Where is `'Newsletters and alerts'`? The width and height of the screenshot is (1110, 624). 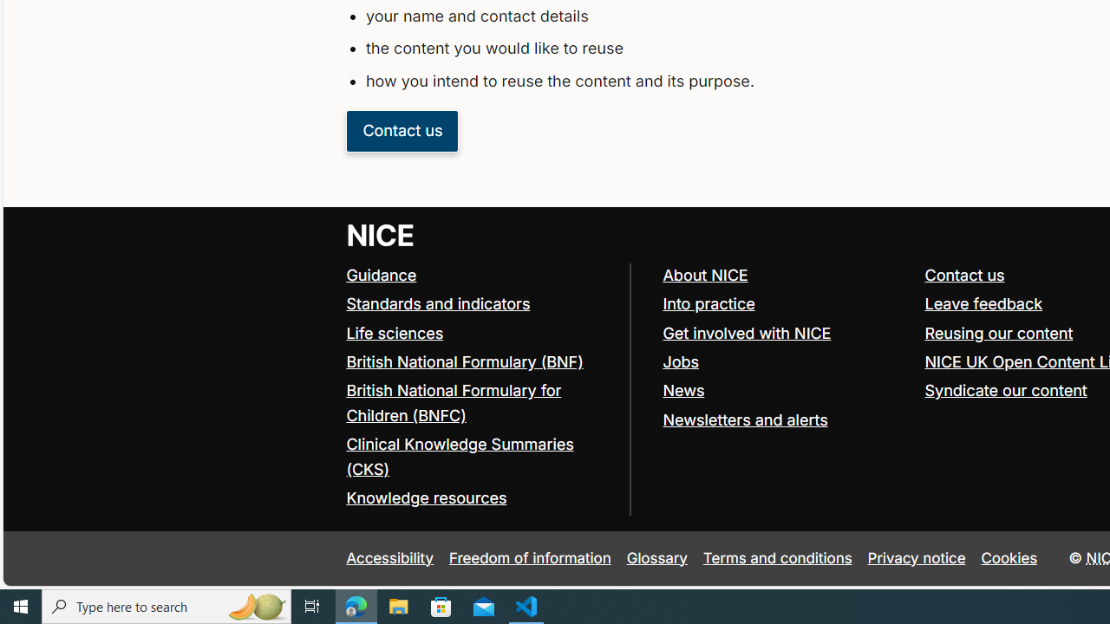
'Newsletters and alerts' is located at coordinates (745, 419).